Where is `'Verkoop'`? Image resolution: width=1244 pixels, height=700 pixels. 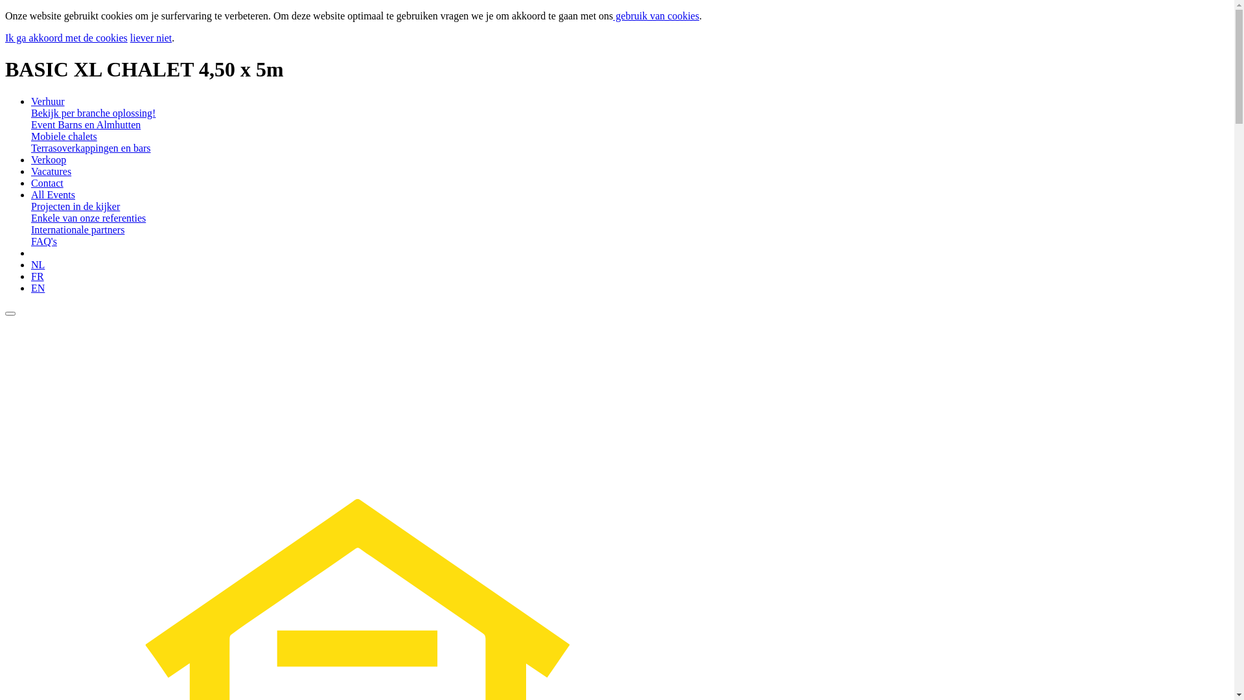
'Verkoop' is located at coordinates (31, 159).